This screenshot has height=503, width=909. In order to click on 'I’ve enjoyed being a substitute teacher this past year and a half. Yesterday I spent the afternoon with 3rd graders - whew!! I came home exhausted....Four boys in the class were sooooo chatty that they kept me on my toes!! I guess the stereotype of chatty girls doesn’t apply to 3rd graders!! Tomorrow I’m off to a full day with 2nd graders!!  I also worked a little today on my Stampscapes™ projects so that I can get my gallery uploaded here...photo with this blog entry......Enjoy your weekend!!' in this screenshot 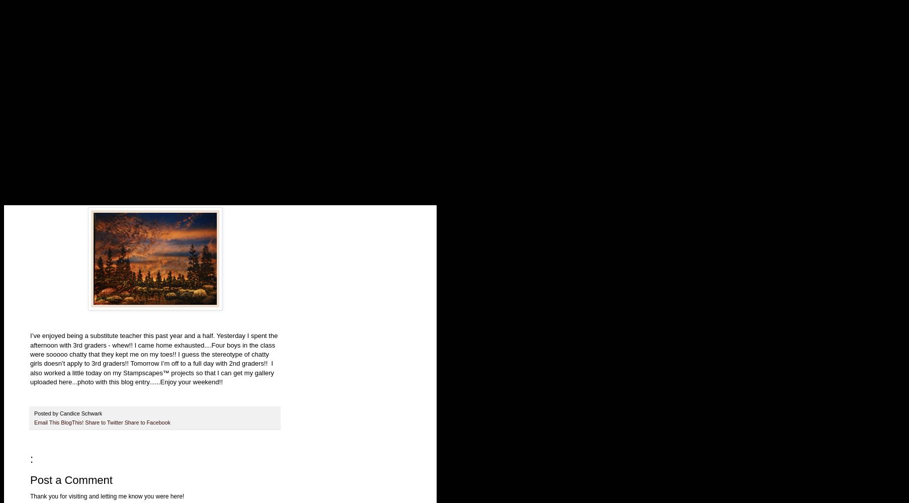, I will do `click(153, 358)`.